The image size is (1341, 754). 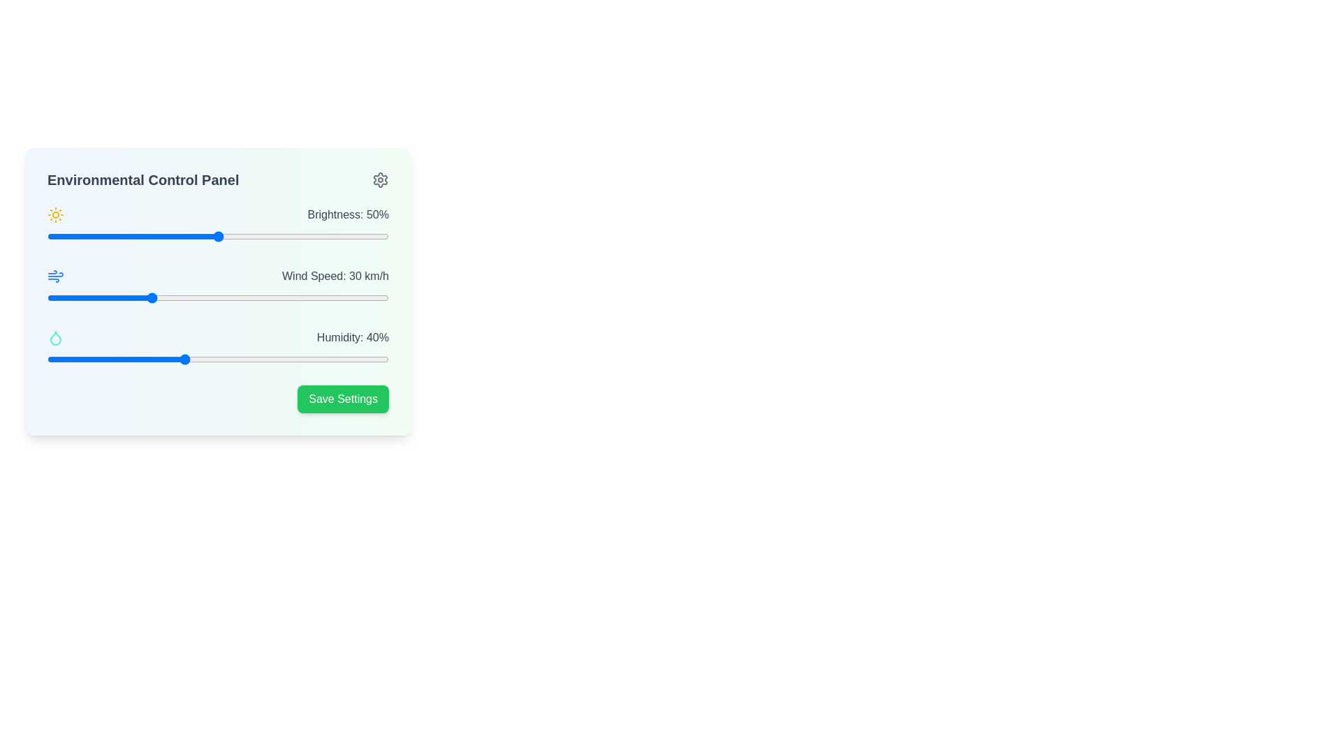 I want to click on the wind speed, so click(x=149, y=297).